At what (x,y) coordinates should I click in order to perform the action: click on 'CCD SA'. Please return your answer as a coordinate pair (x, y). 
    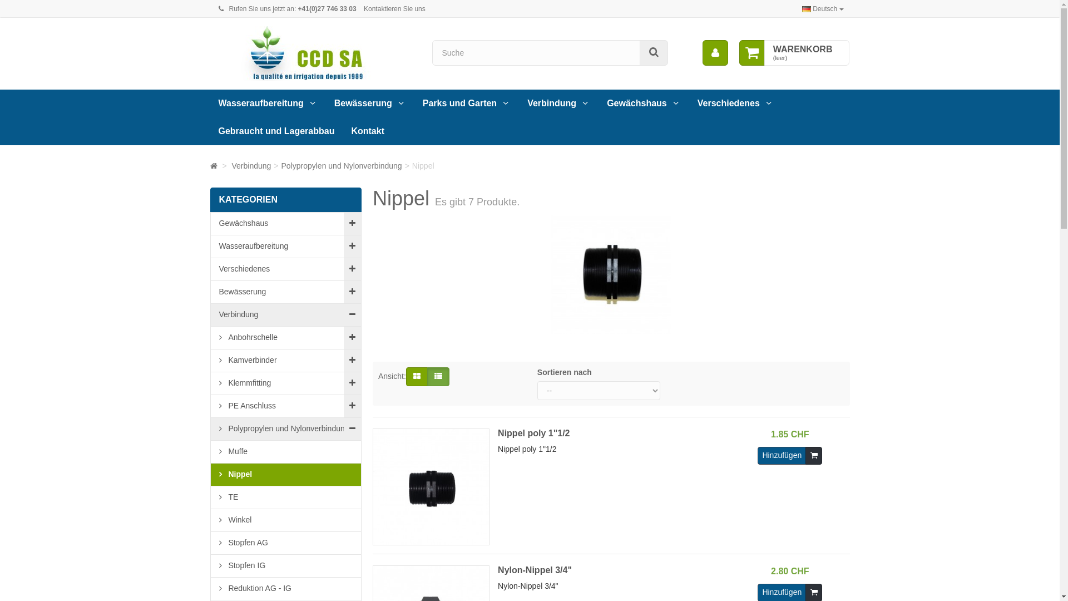
    Looking at the image, I should click on (312, 53).